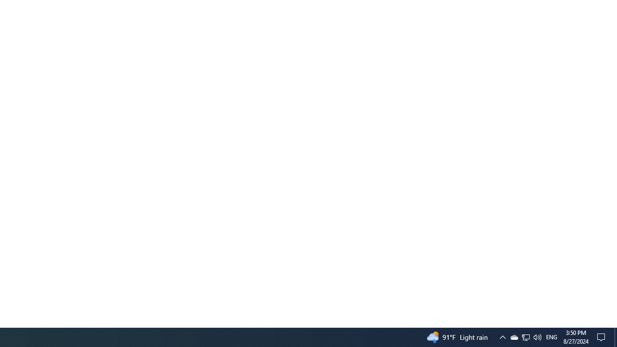  What do you see at coordinates (502, 336) in the screenshot?
I see `'Notification Chevron'` at bounding box center [502, 336].